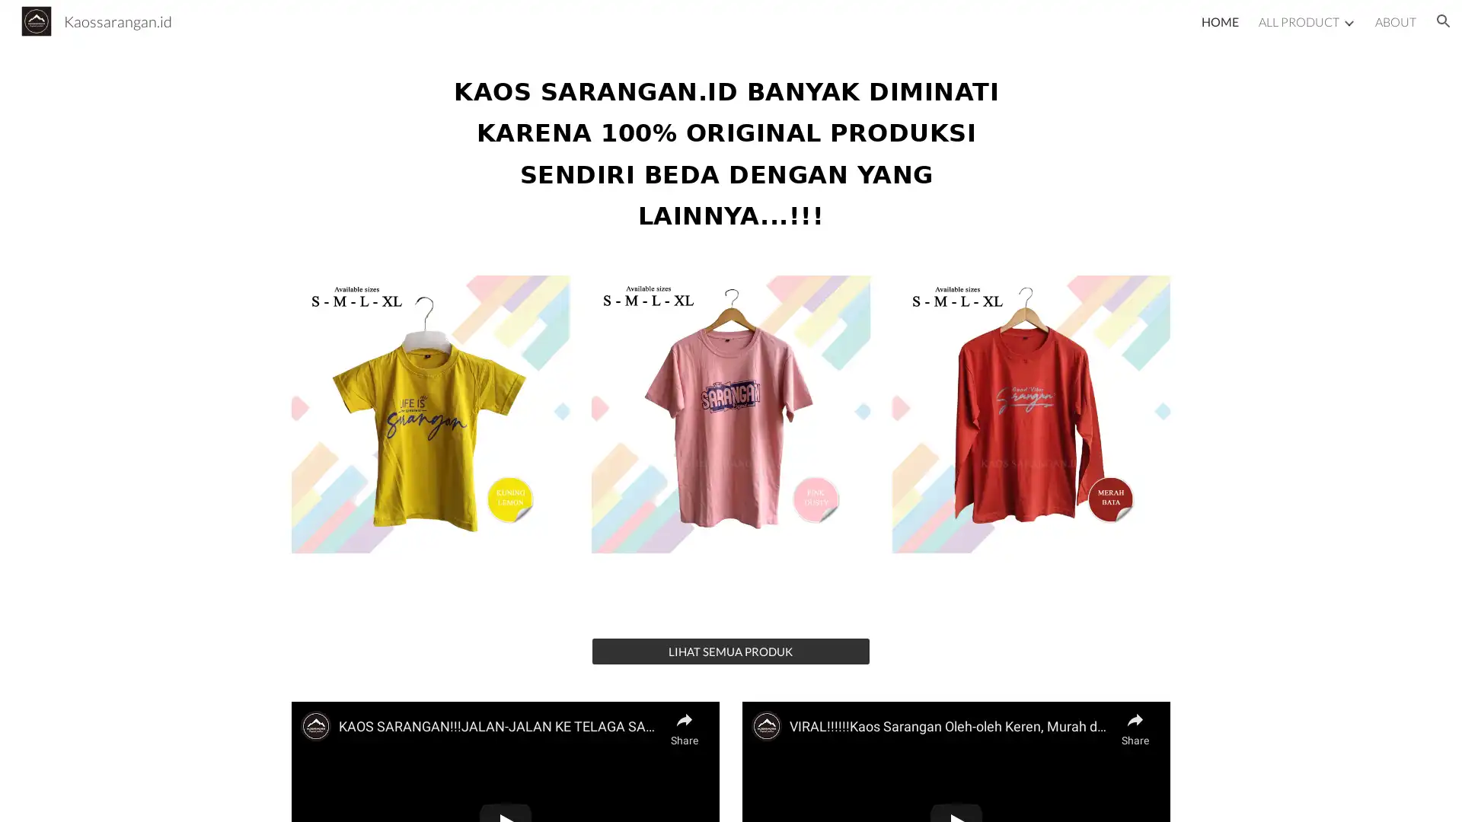 The image size is (1462, 822). Describe the element at coordinates (867, 28) in the screenshot. I see `Skip to navigation` at that location.